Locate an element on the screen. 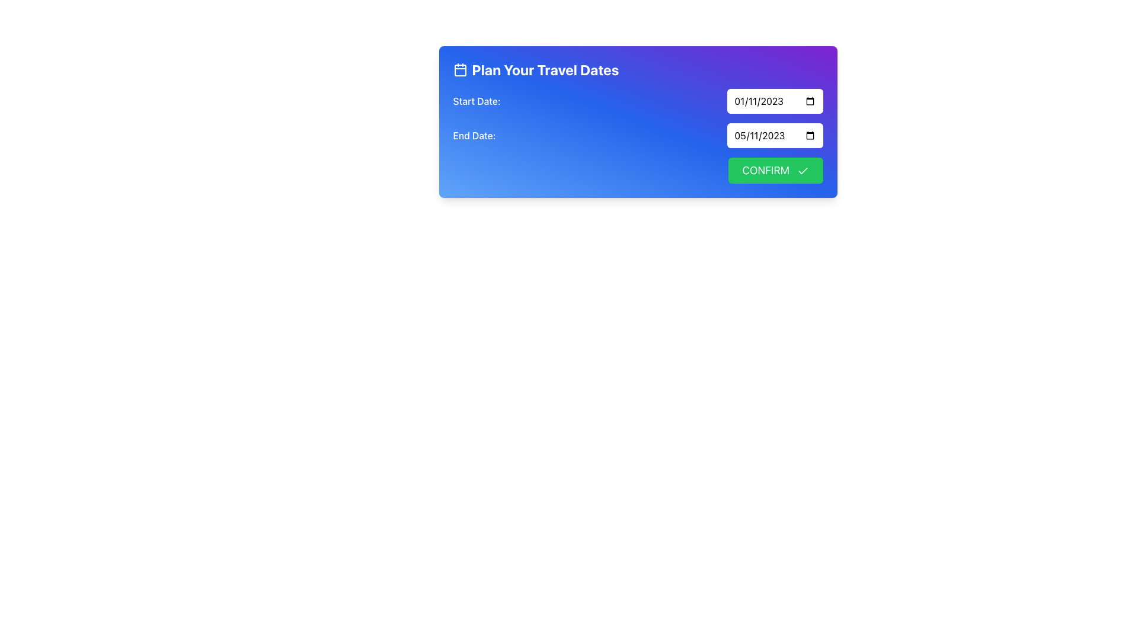  the white checkmark icon on the green background located within the 'Confirm' button at the lower-right corner of the 'Plan Your Travel Dates' form is located at coordinates (803, 171).